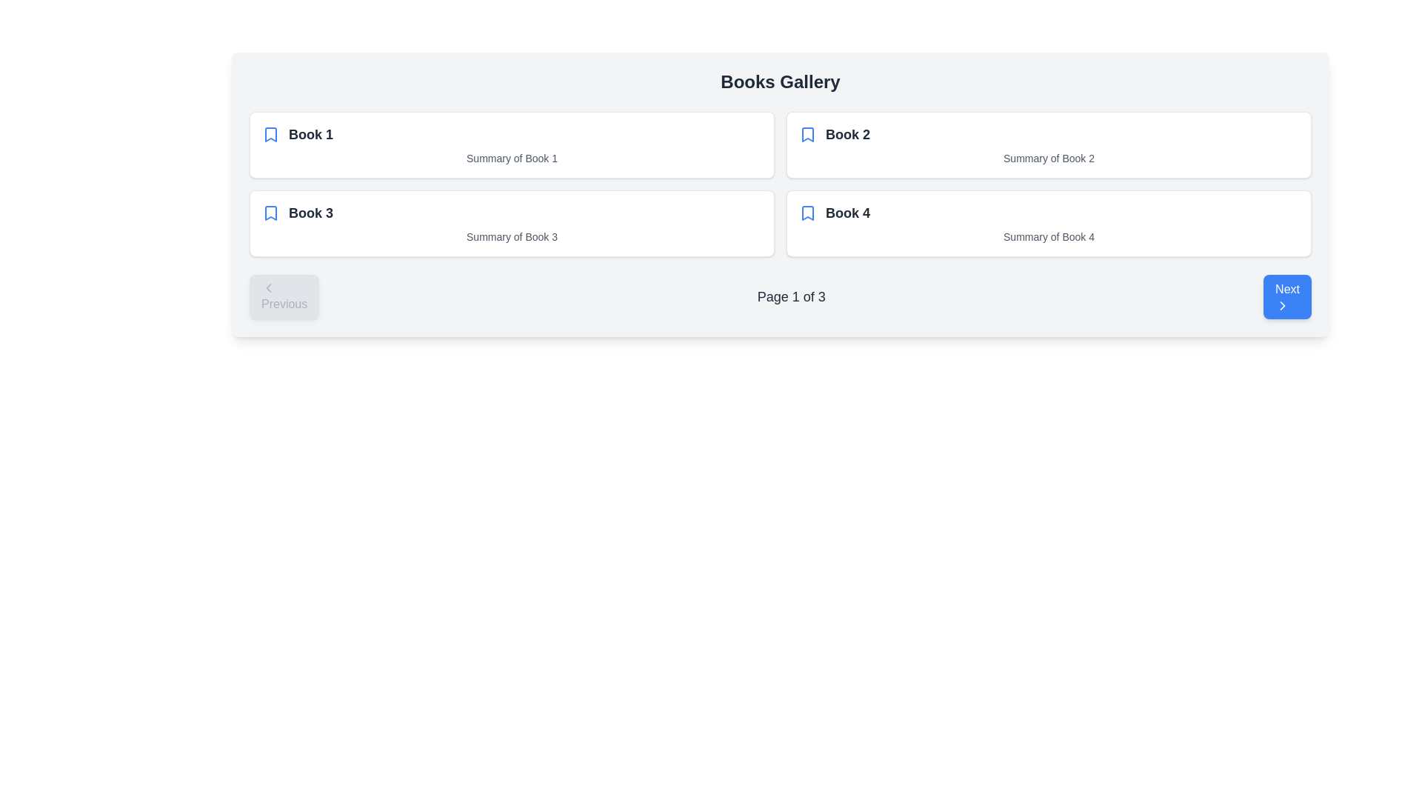 This screenshot has height=800, width=1422. I want to click on the bookmark icon in the bottom-right quadrant of the card associated with 'Book 4', so click(807, 213).